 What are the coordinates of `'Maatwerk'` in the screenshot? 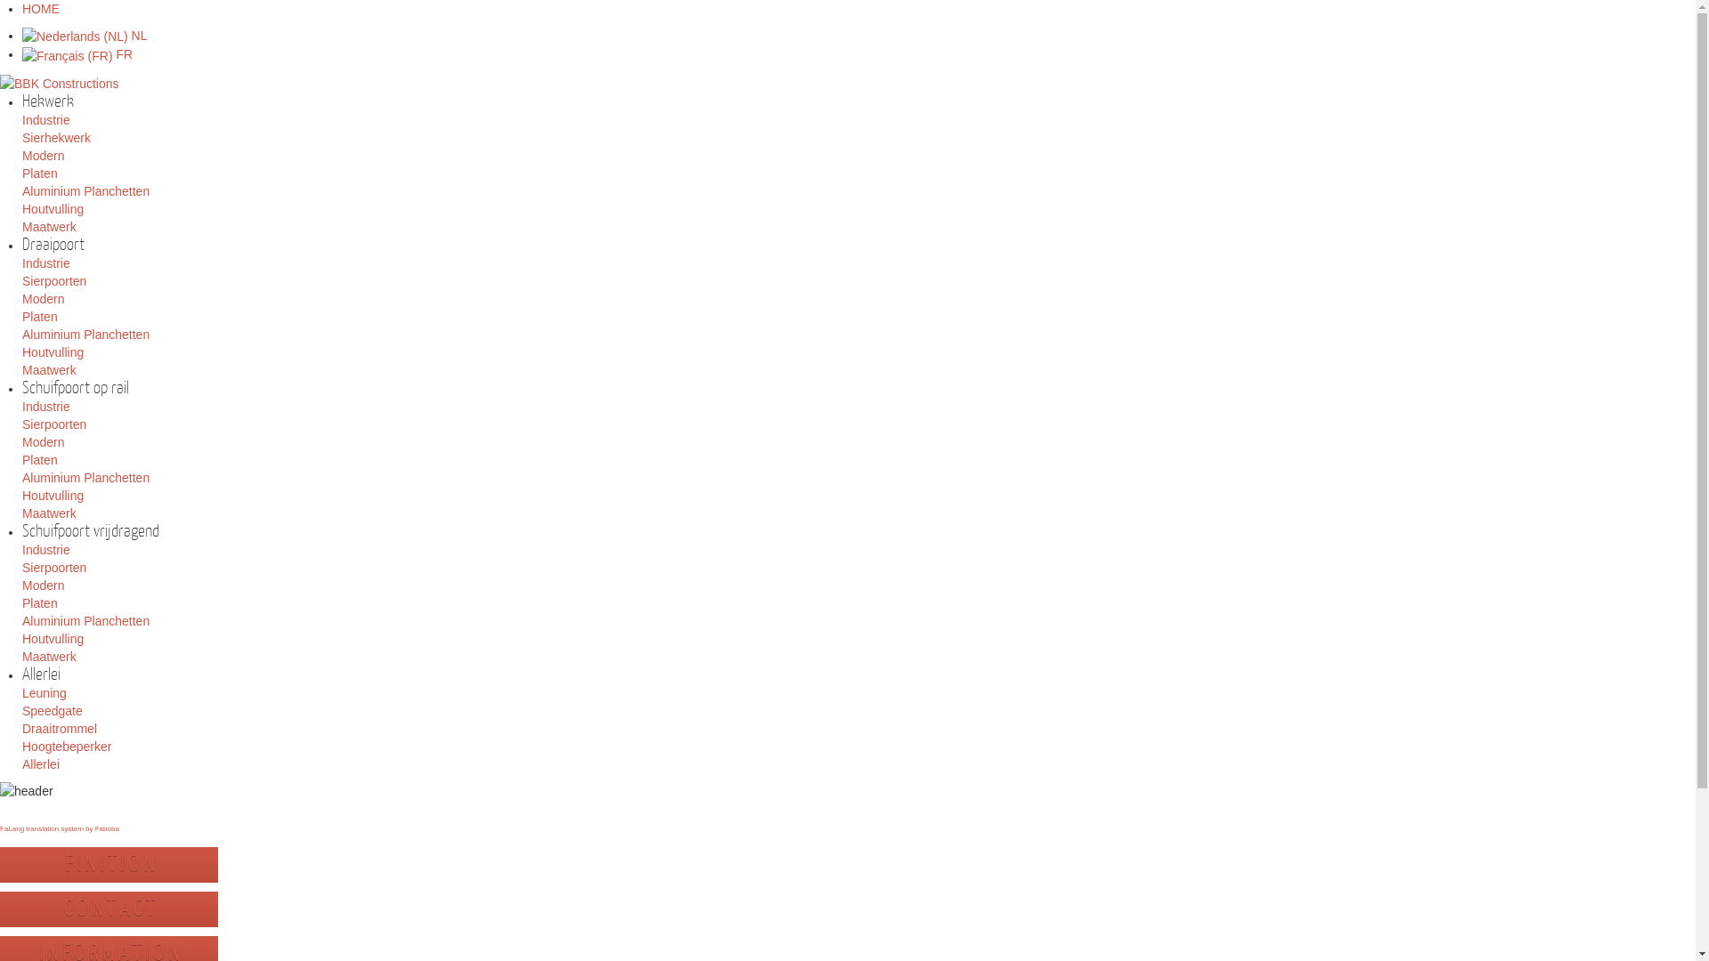 It's located at (21, 225).